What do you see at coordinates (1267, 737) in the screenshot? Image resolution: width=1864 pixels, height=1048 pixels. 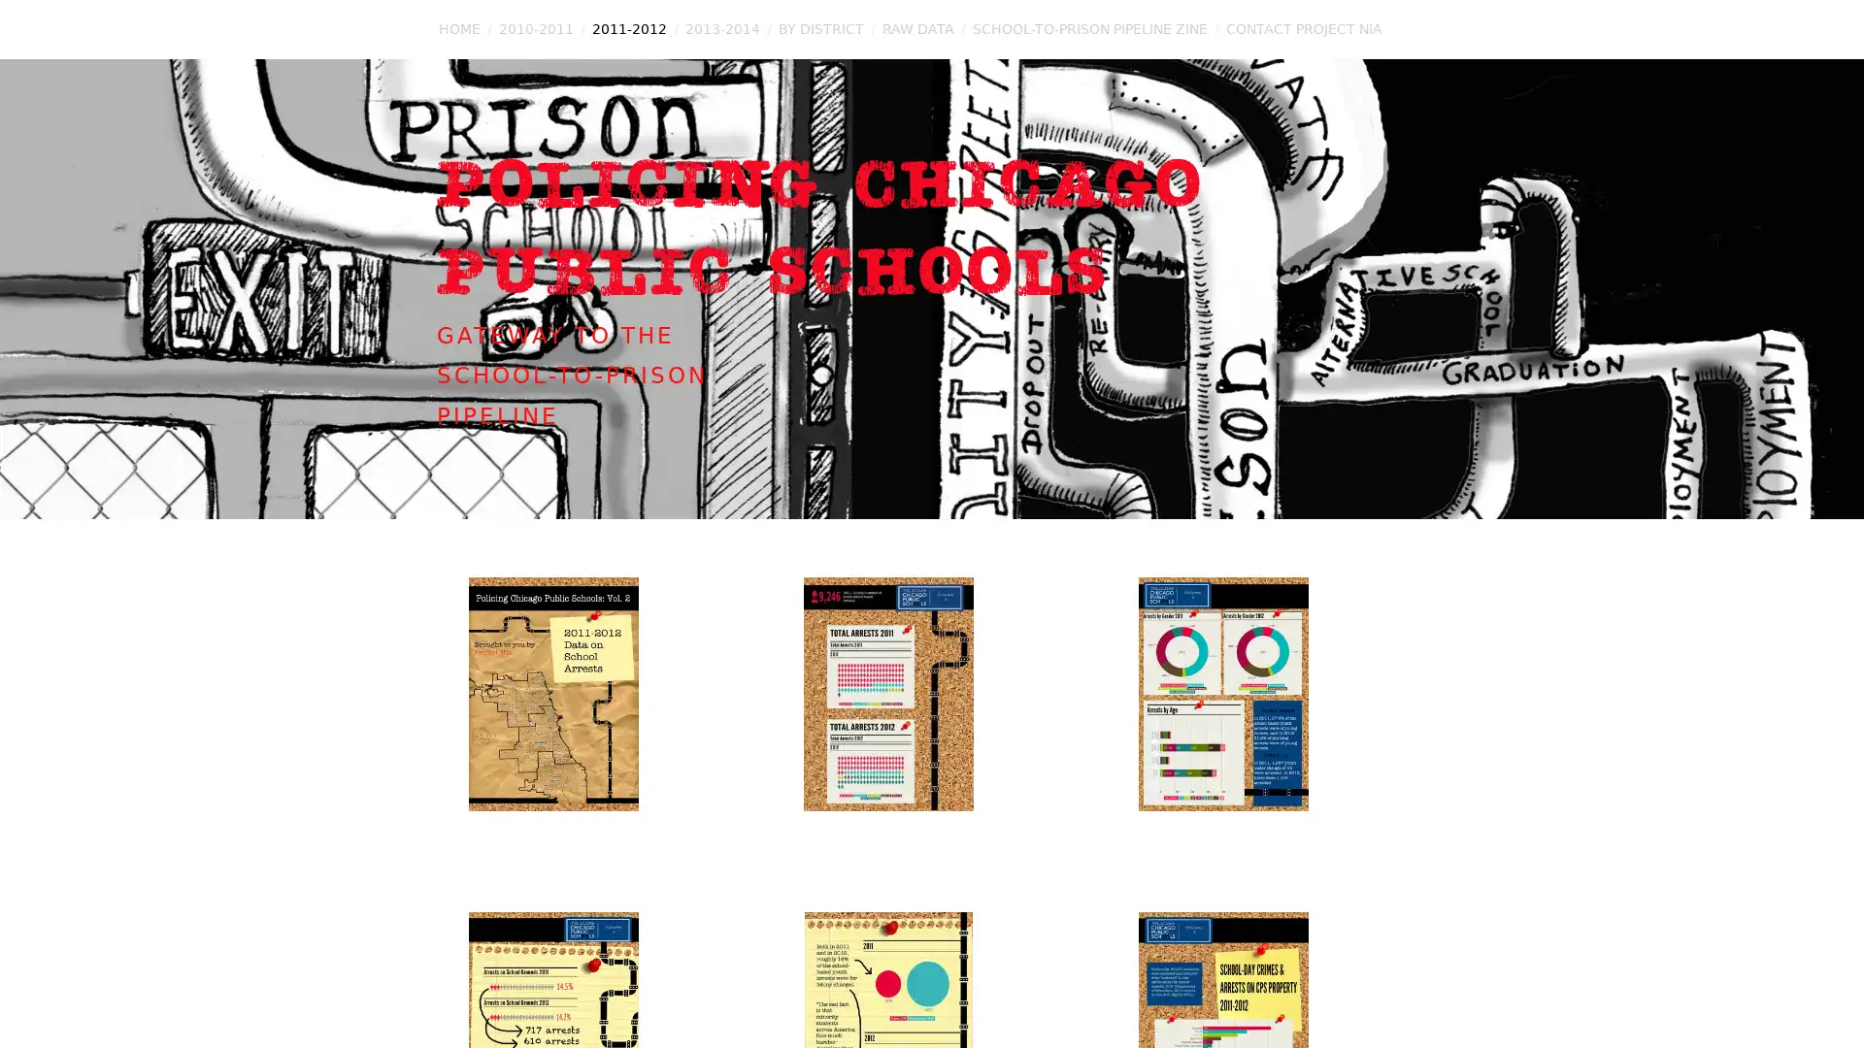 I see `View fullsize CPD in CPS_P6.jpg` at bounding box center [1267, 737].